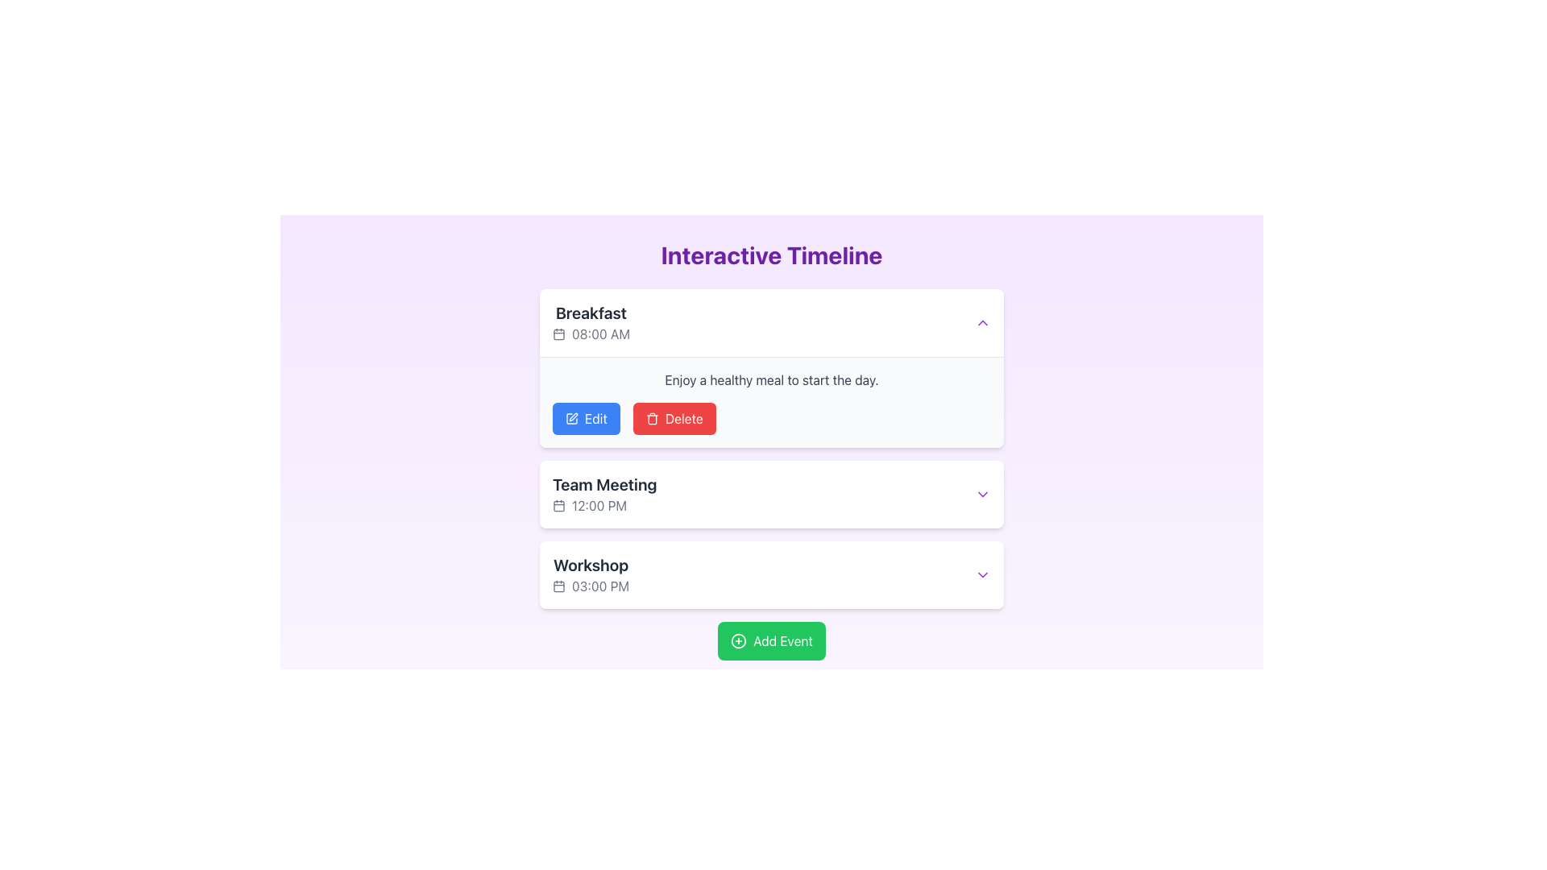  Describe the element at coordinates (981, 493) in the screenshot. I see `the interactive icon at the far right of the 'Team Meeting' entry to change its color to a darker shade` at that location.